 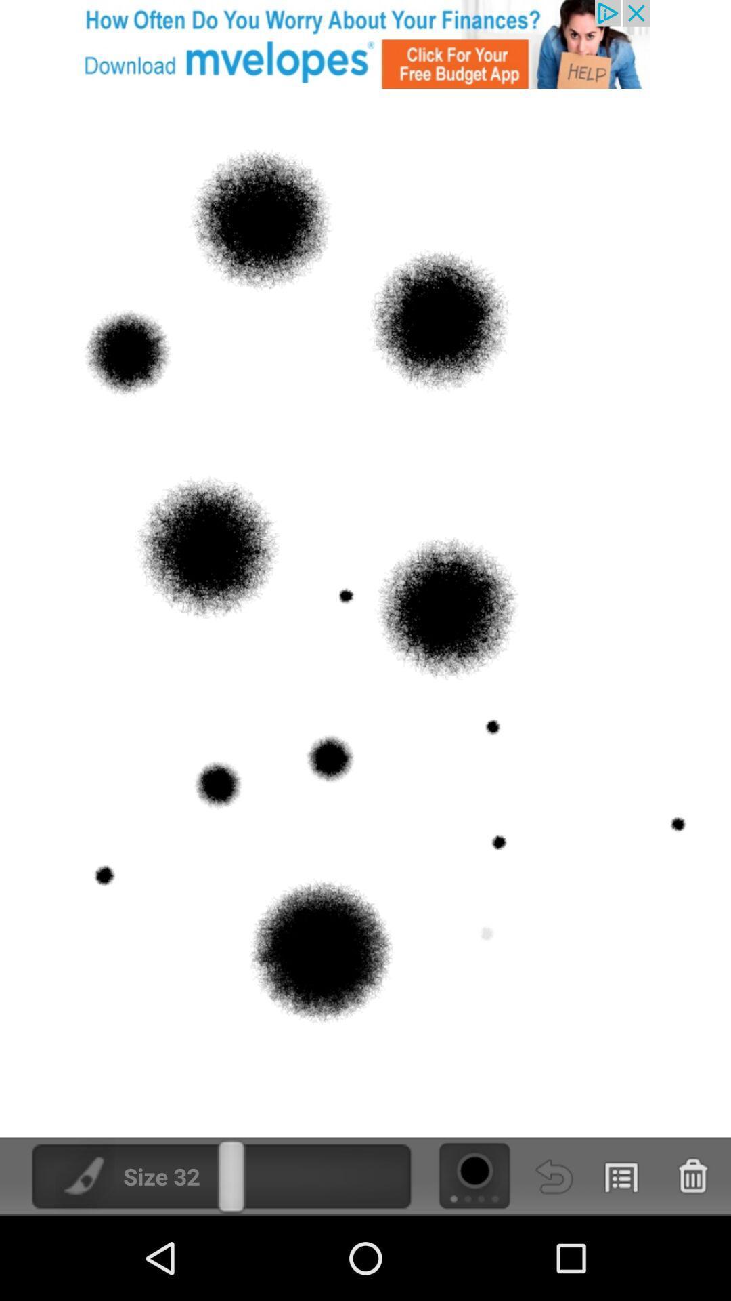 I want to click on open advertisement, so click(x=365, y=44).